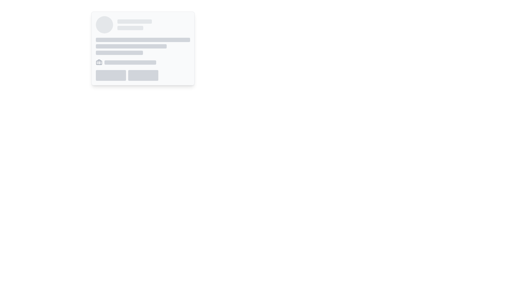  What do you see at coordinates (130, 62) in the screenshot?
I see `the decorative placeholder rectangle with rounded corners, filled with light gray color, positioned to the right of an icon group` at bounding box center [130, 62].